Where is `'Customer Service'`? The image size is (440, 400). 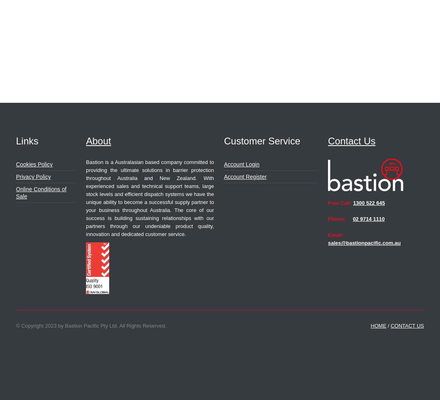
'Customer Service' is located at coordinates (262, 140).